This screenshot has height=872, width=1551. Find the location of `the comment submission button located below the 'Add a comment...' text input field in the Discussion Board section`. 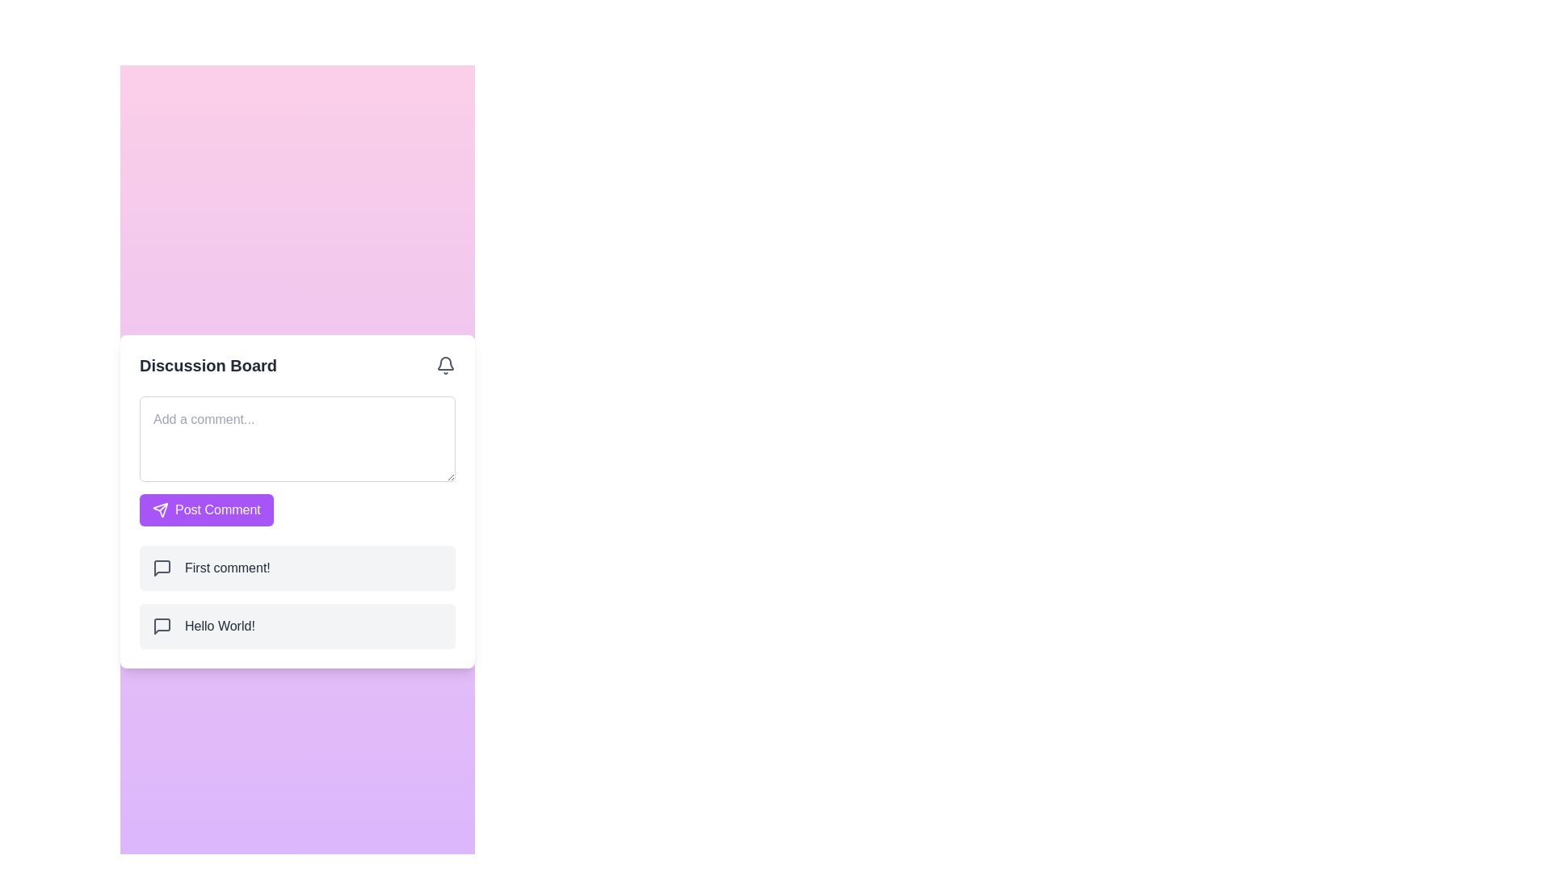

the comment submission button located below the 'Add a comment...' text input field in the Discussion Board section is located at coordinates (205, 509).